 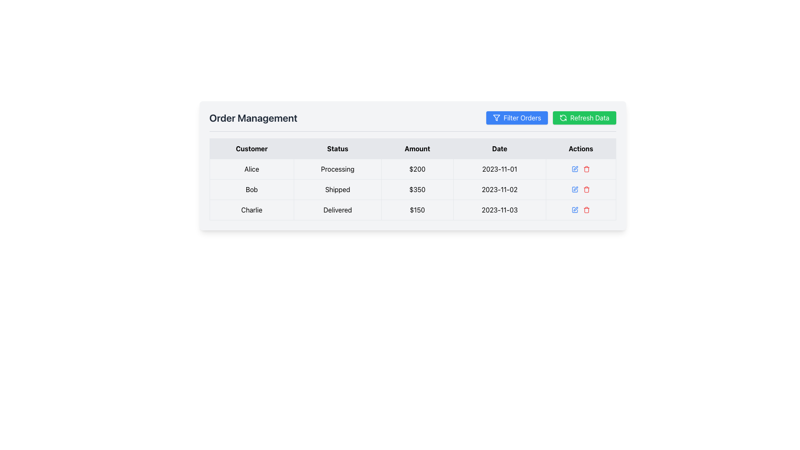 What do you see at coordinates (337, 148) in the screenshot?
I see `the 'Status' text label, which is a rectangular box with centered text in bold black font and a gray background, located in the second column of the header row of a table` at bounding box center [337, 148].